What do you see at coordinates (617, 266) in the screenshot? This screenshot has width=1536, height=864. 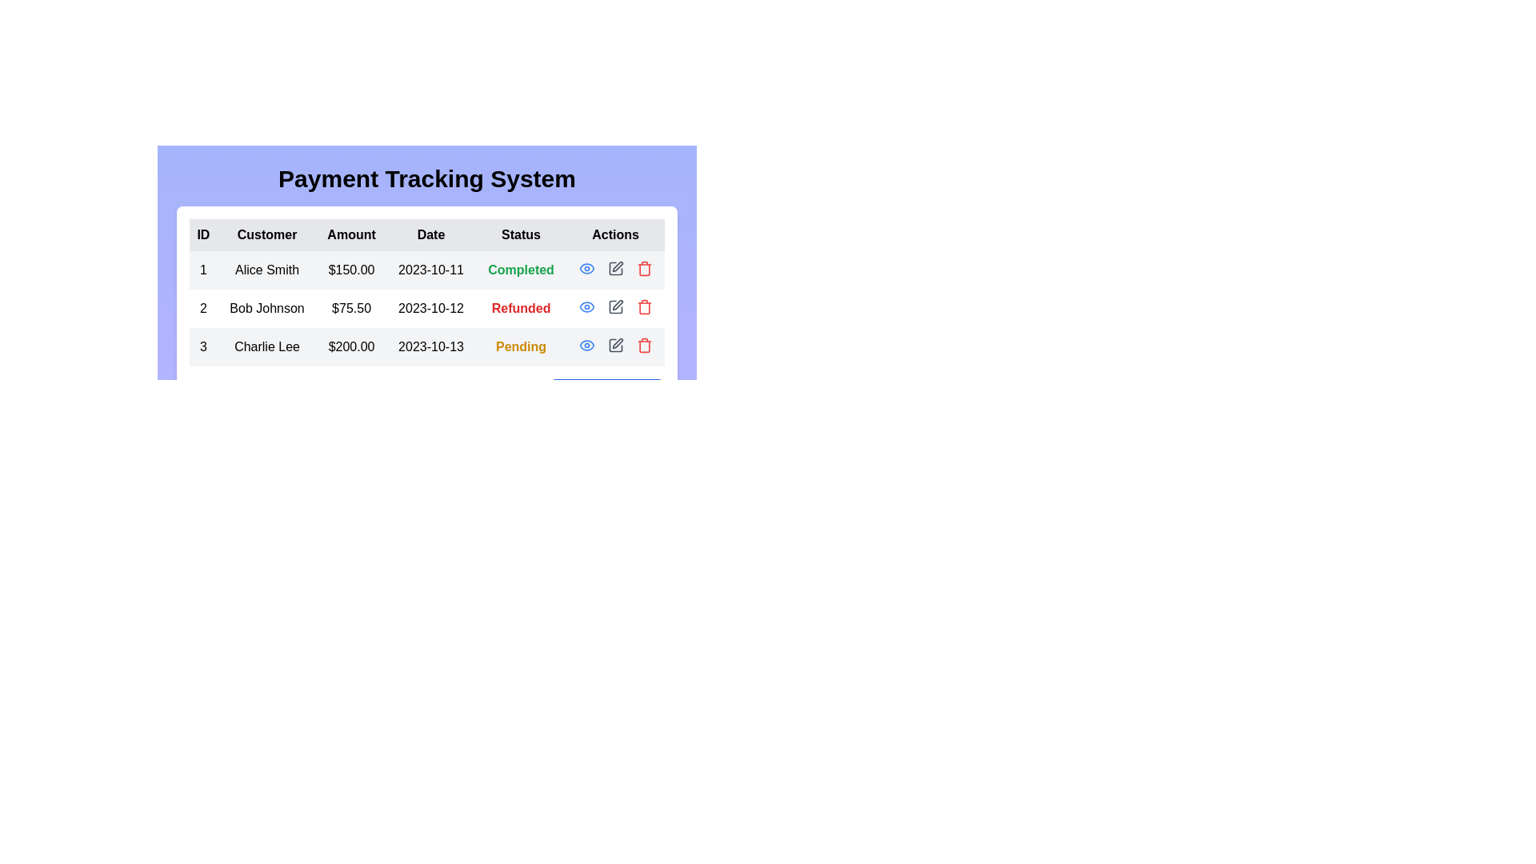 I see `the editing button icon, which resembles a pen, located in the second row of the 'Actions' column aligned with the 'Bob Johnson' entry` at bounding box center [617, 266].